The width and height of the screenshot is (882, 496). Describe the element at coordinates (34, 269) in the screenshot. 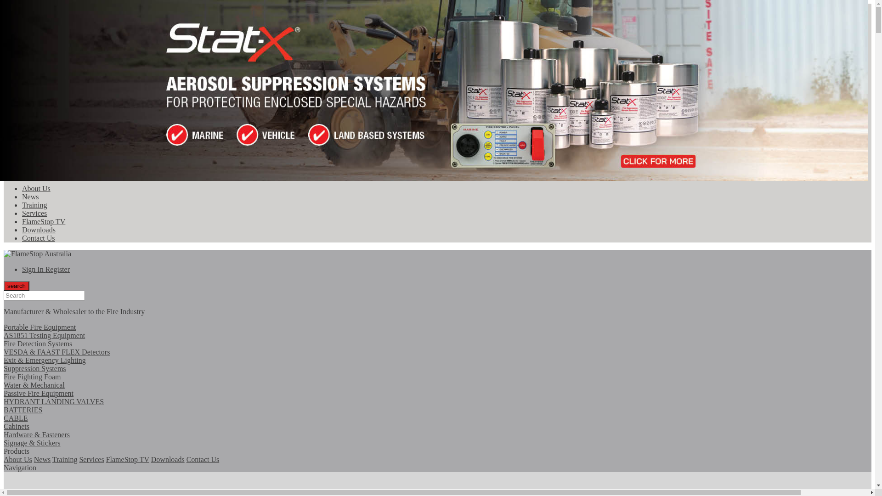

I see `'Sign In'` at that location.